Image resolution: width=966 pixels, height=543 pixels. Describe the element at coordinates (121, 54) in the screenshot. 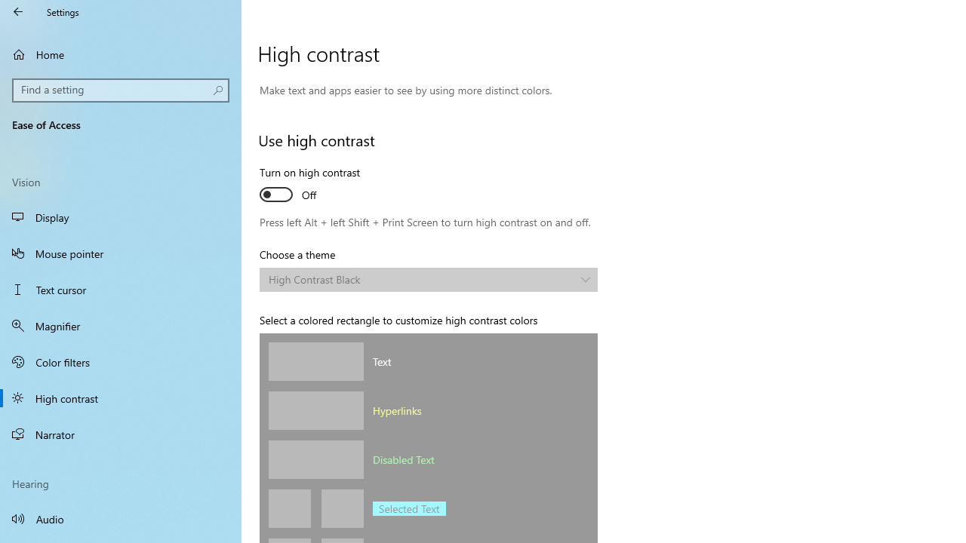

I see `'Home'` at that location.